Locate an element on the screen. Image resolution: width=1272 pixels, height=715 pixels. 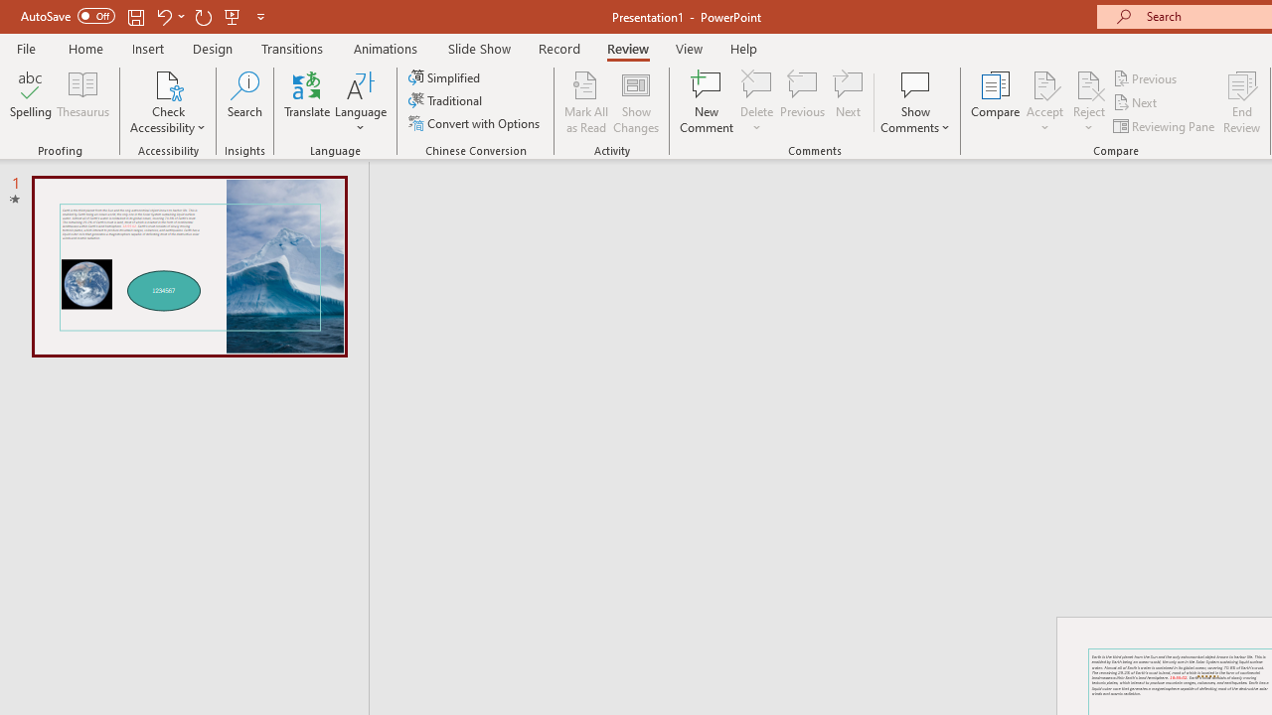
'Previous' is located at coordinates (1146, 77).